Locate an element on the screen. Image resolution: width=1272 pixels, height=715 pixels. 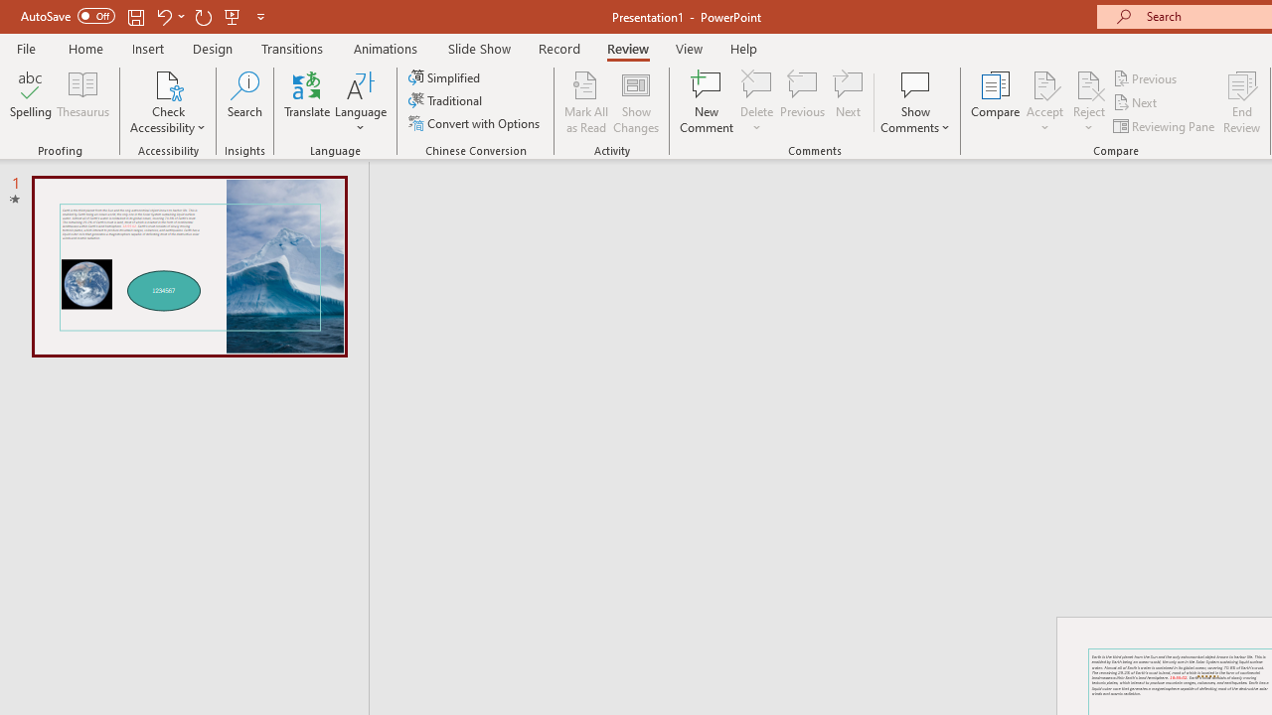
'Previous' is located at coordinates (1146, 77).